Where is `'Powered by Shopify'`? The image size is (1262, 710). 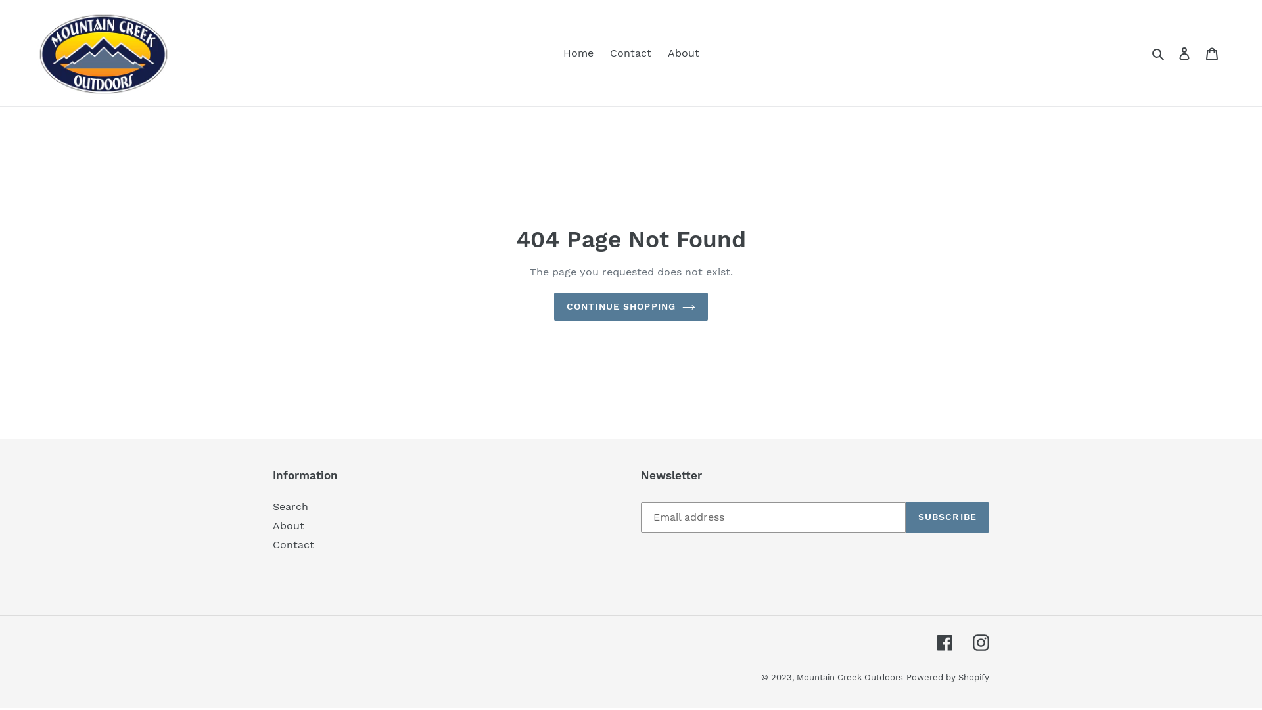
'Powered by Shopify' is located at coordinates (947, 677).